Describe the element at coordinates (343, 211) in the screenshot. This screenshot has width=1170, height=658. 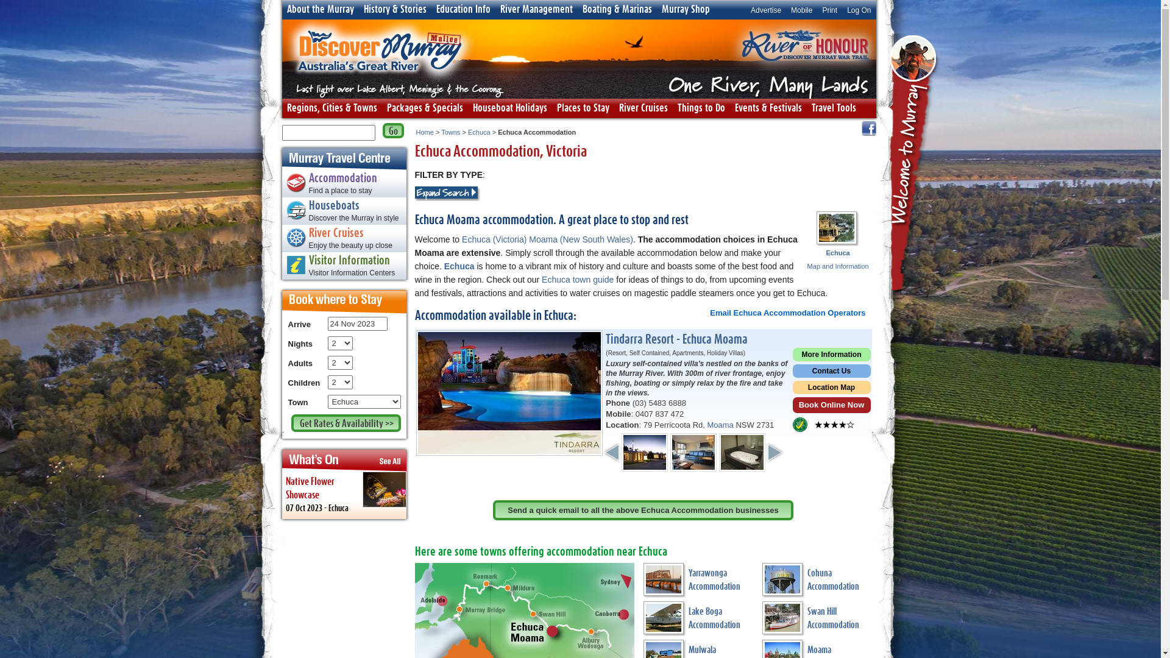
I see `'Houseboats` at that location.